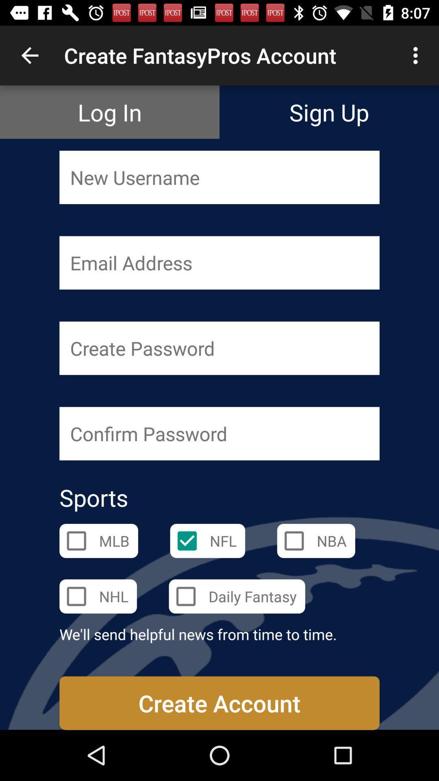 The image size is (439, 781). What do you see at coordinates (219, 702) in the screenshot?
I see `orange button at bottom` at bounding box center [219, 702].